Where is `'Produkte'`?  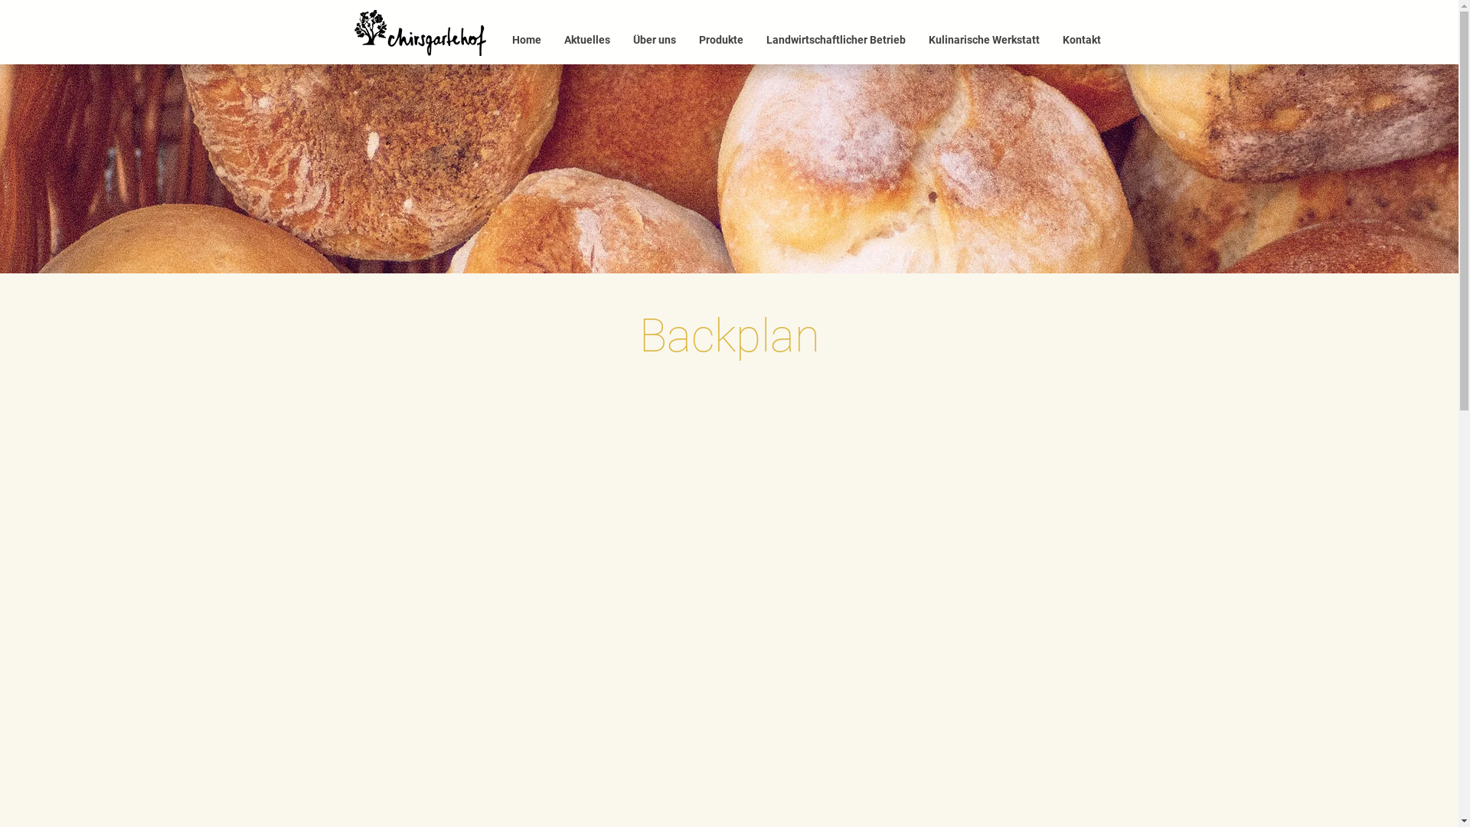
'Produkte' is located at coordinates (720, 39).